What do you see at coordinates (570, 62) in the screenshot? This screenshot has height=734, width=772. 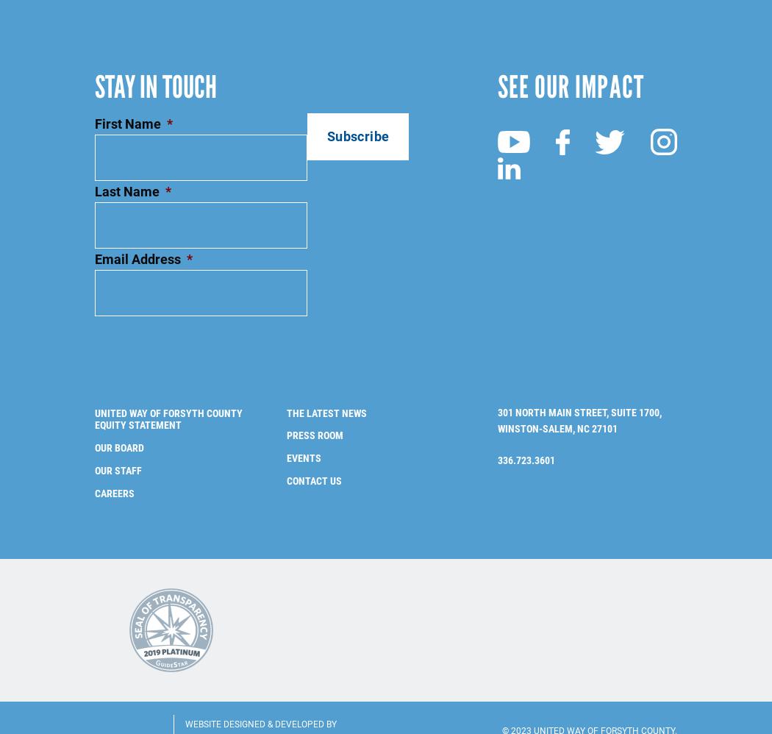 I see `'See Our Impact'` at bounding box center [570, 62].